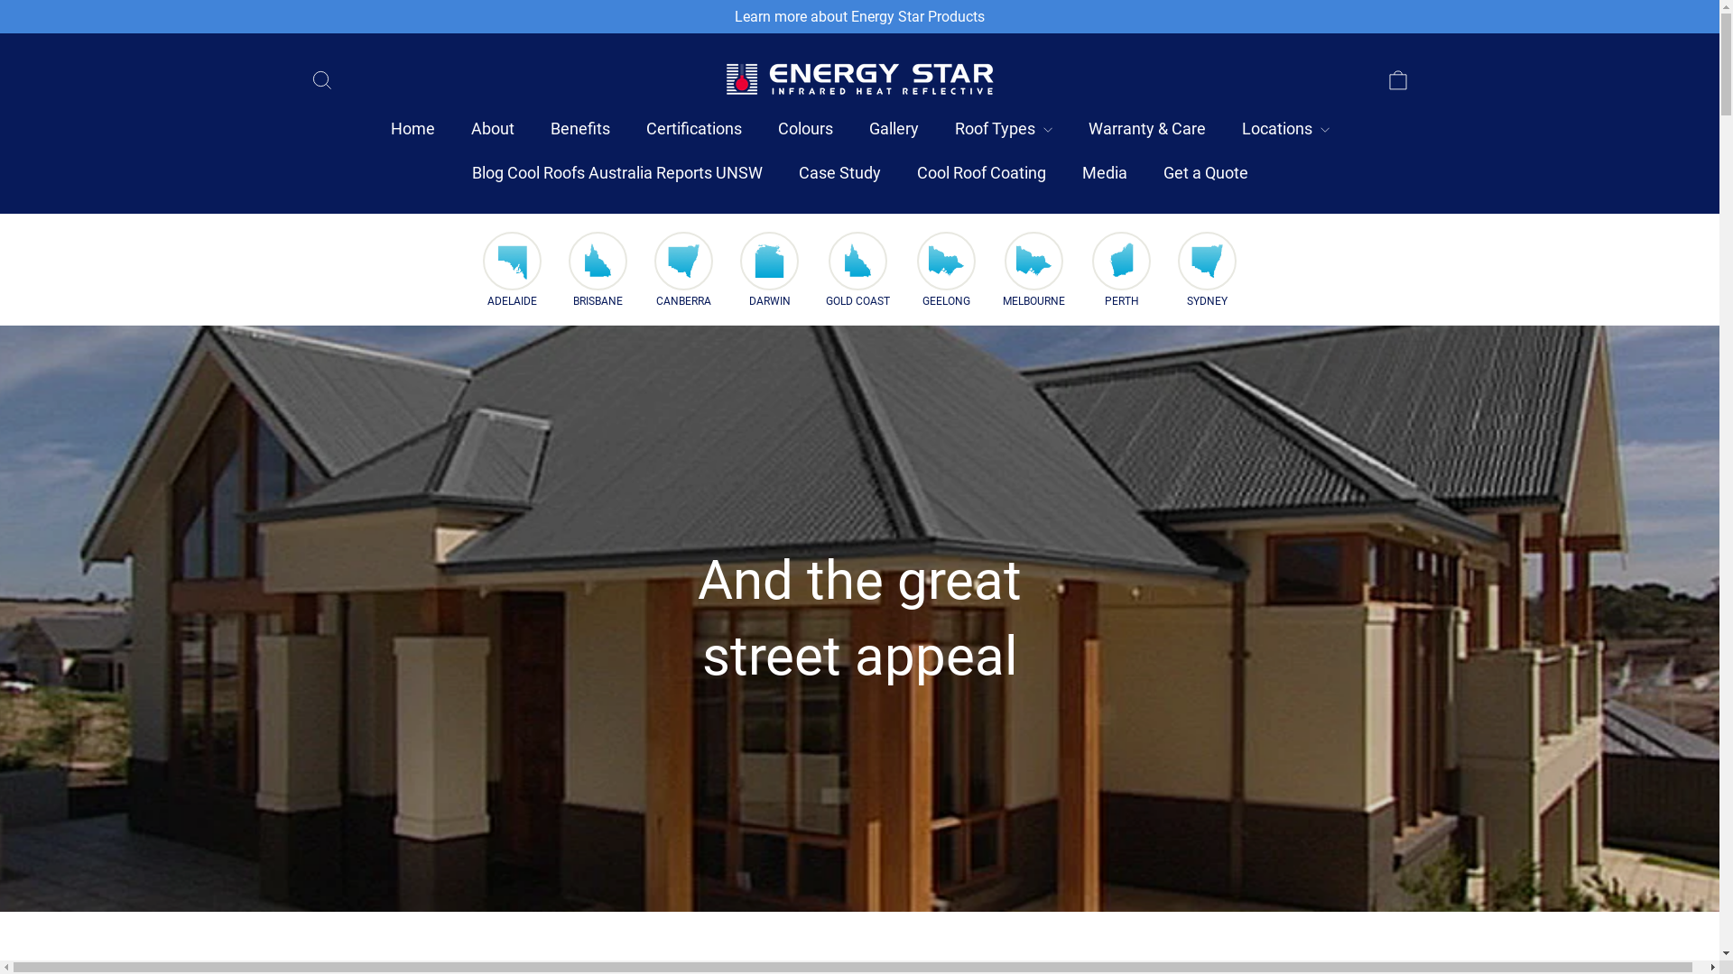 The width and height of the screenshot is (1733, 974). I want to click on 'Home', so click(411, 128).